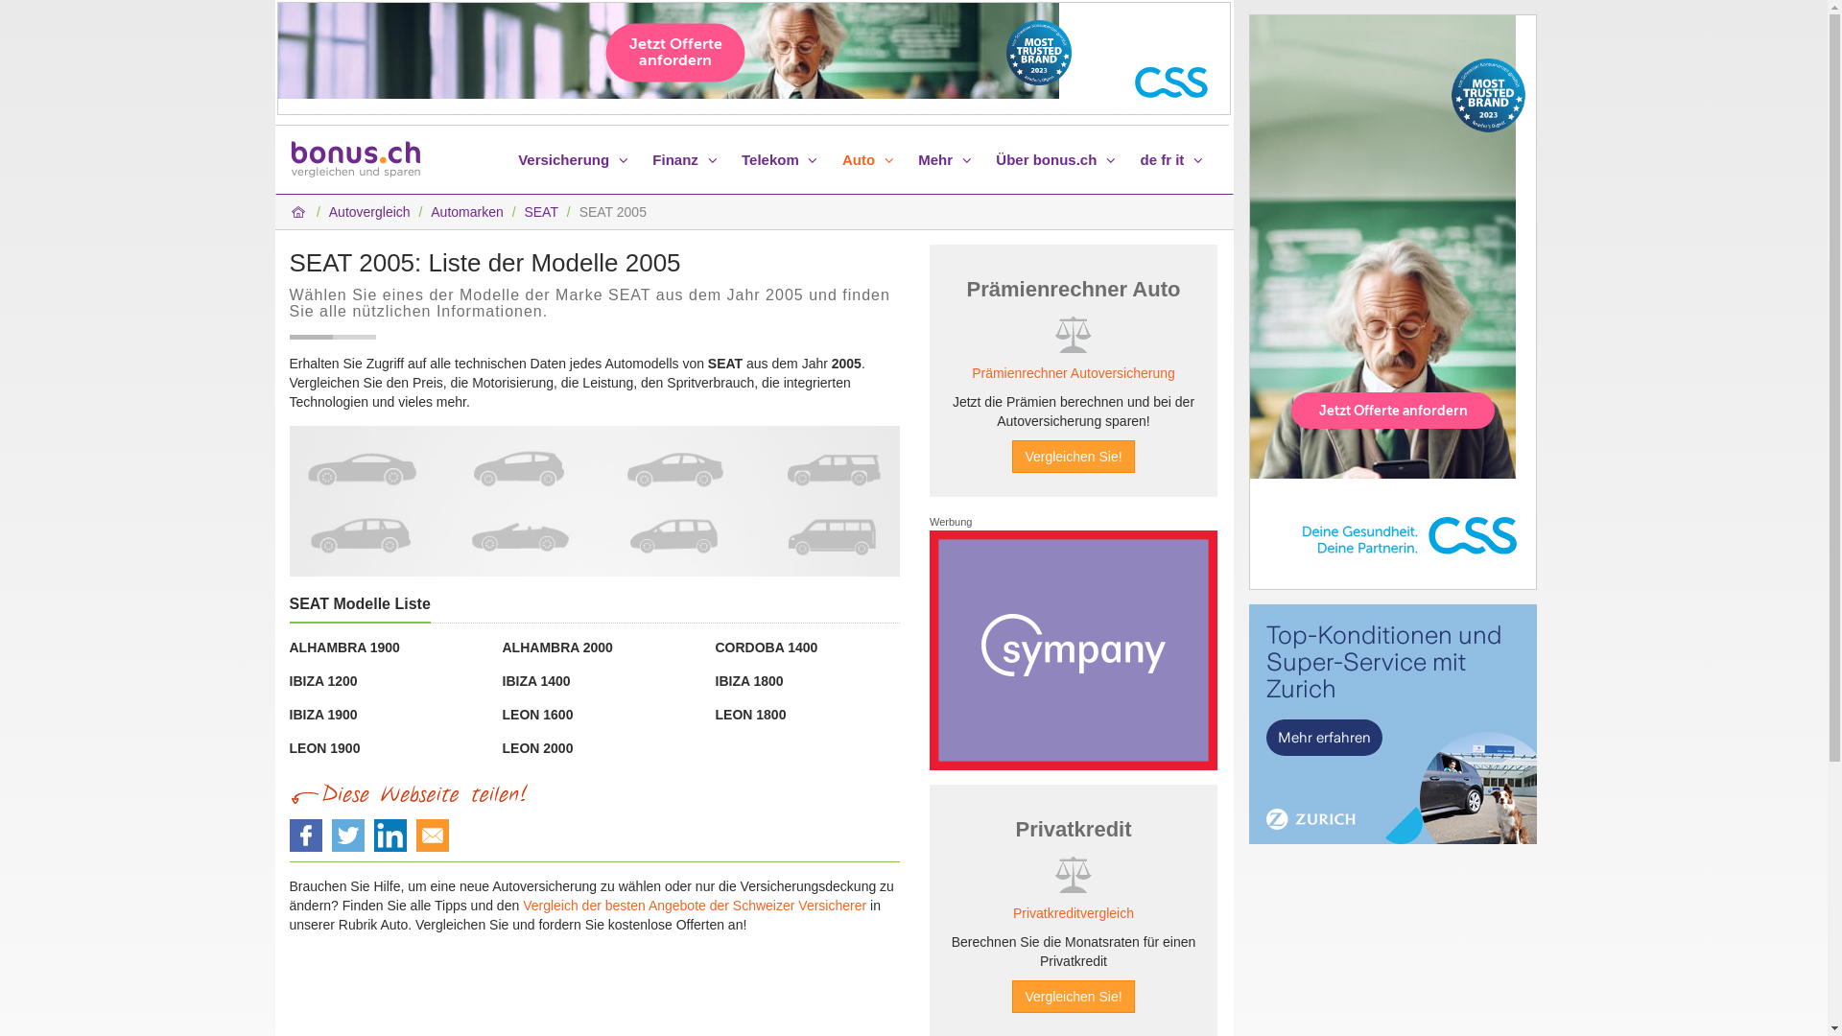  What do you see at coordinates (748, 679) in the screenshot?
I see `'IBIZA 1800'` at bounding box center [748, 679].